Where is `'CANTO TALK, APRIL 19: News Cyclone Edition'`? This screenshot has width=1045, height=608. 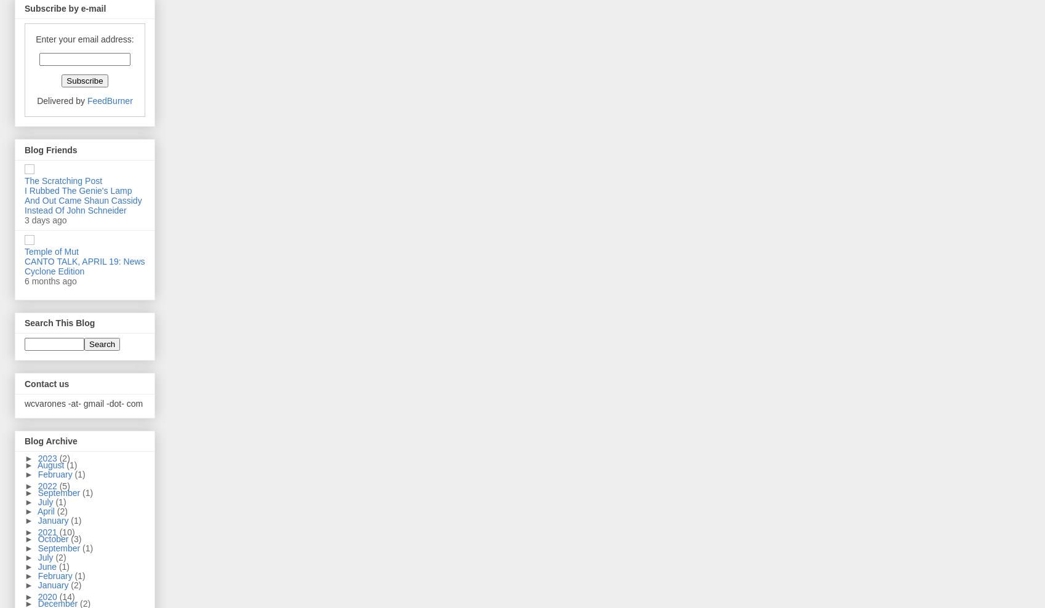 'CANTO TALK, APRIL 19: News Cyclone Edition' is located at coordinates (84, 265).